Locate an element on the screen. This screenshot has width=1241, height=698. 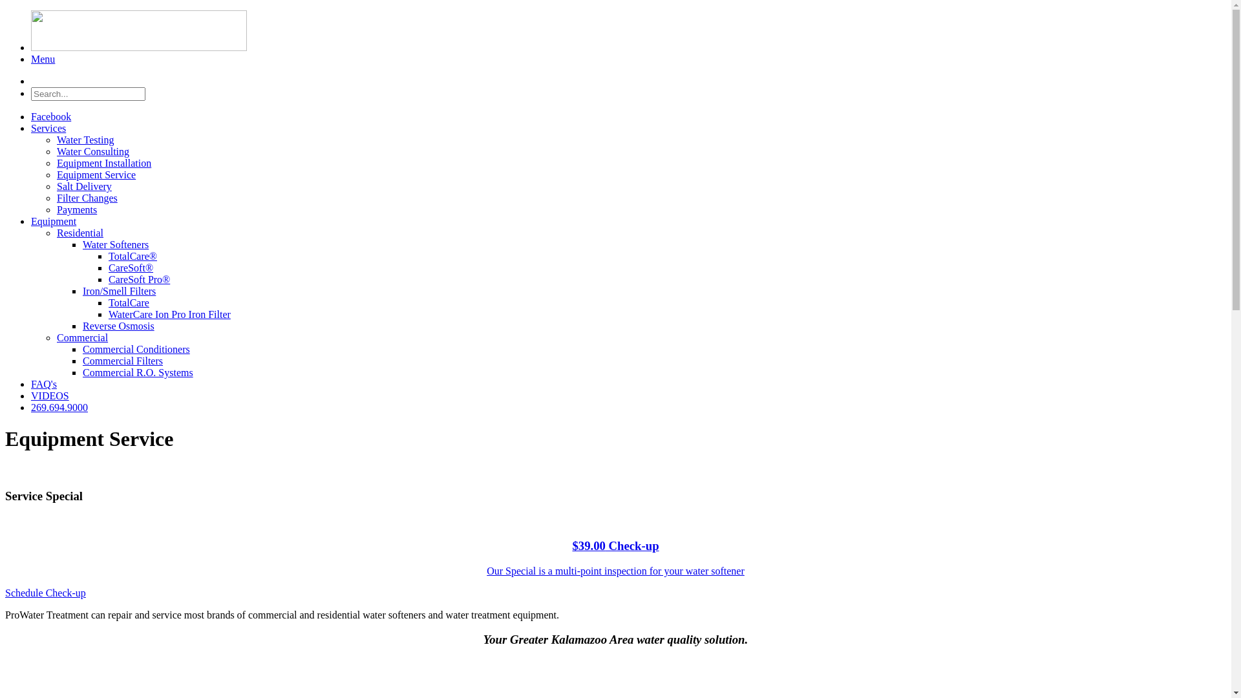
'Water Testing' is located at coordinates (84, 140).